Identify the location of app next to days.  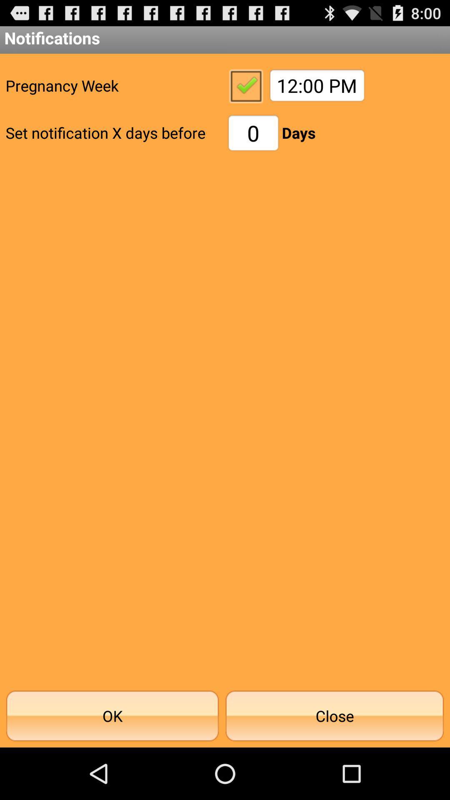
(253, 132).